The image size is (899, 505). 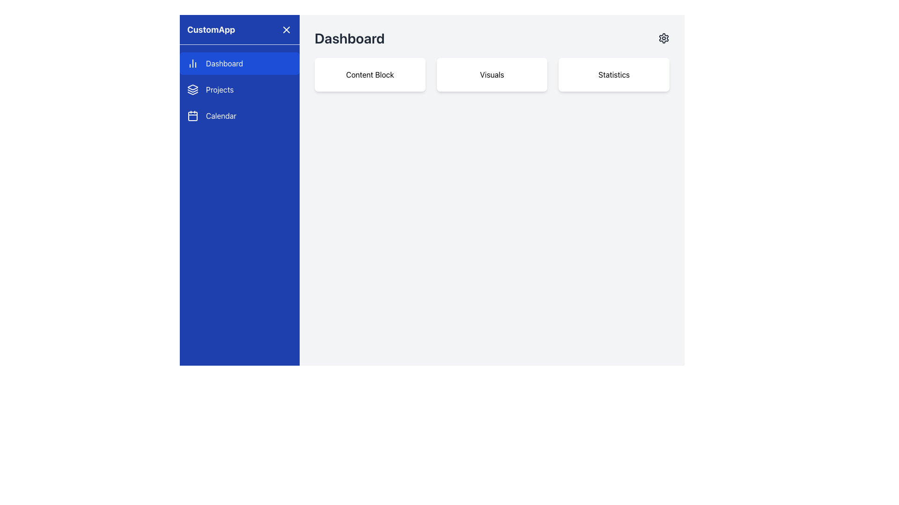 What do you see at coordinates (221, 115) in the screenshot?
I see `the 'Calendar' text label, which is a bold white label in a blue sidebar, positioned as the third item in a vertical menu` at bounding box center [221, 115].